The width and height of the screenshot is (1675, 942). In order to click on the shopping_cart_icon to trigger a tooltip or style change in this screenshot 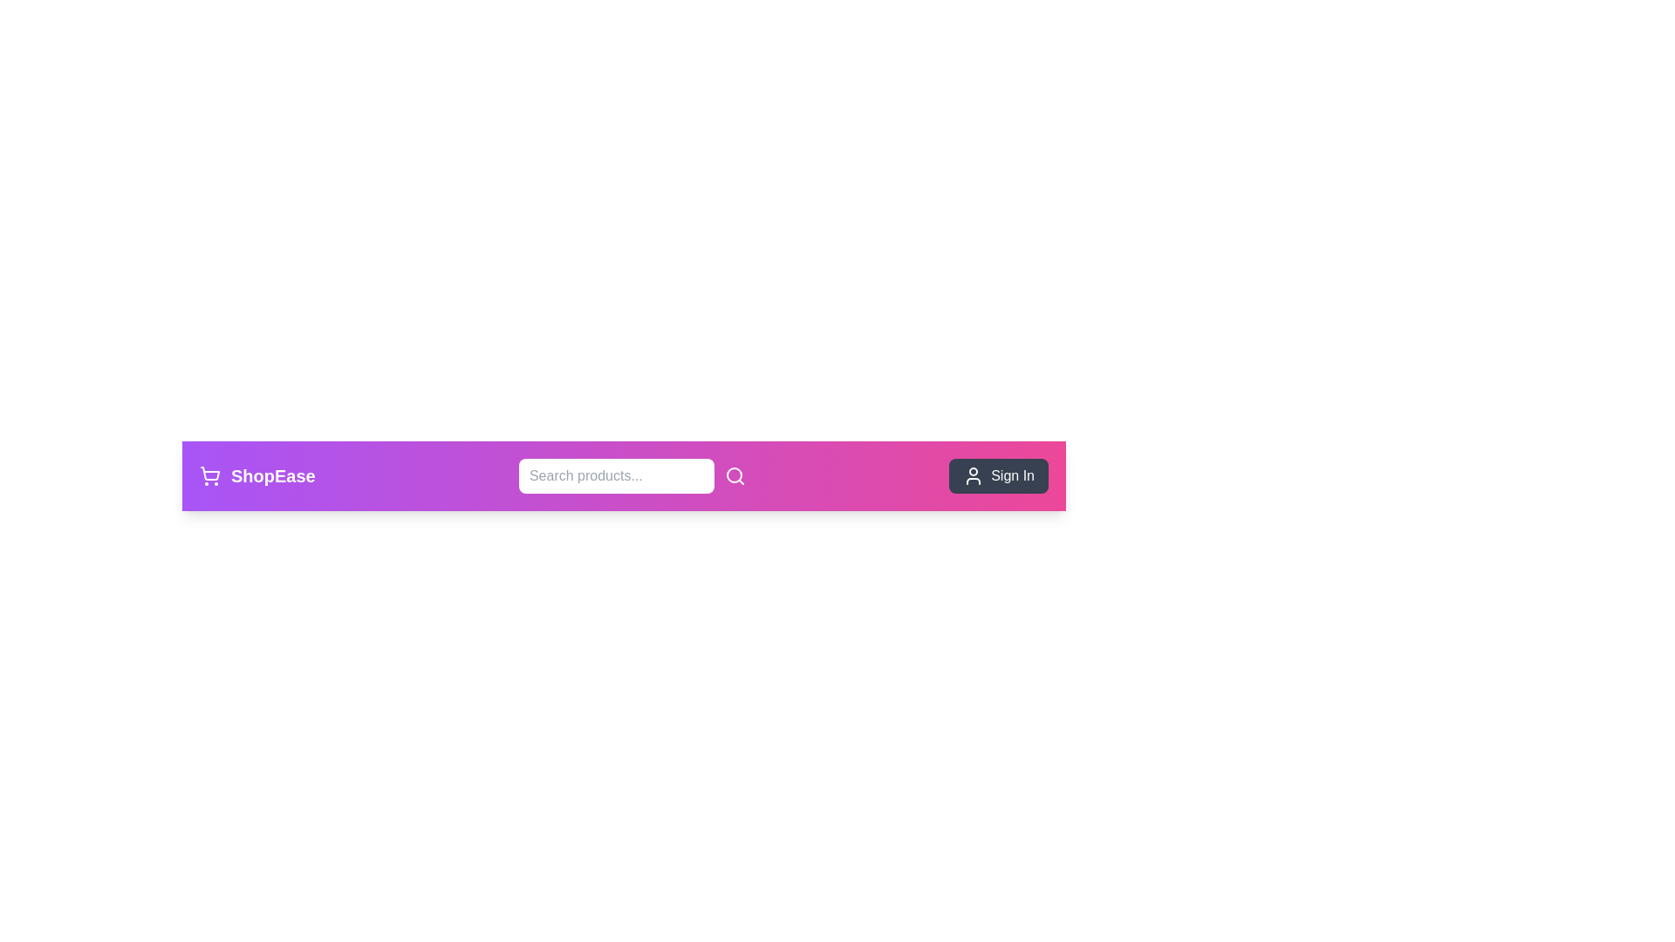, I will do `click(209, 476)`.